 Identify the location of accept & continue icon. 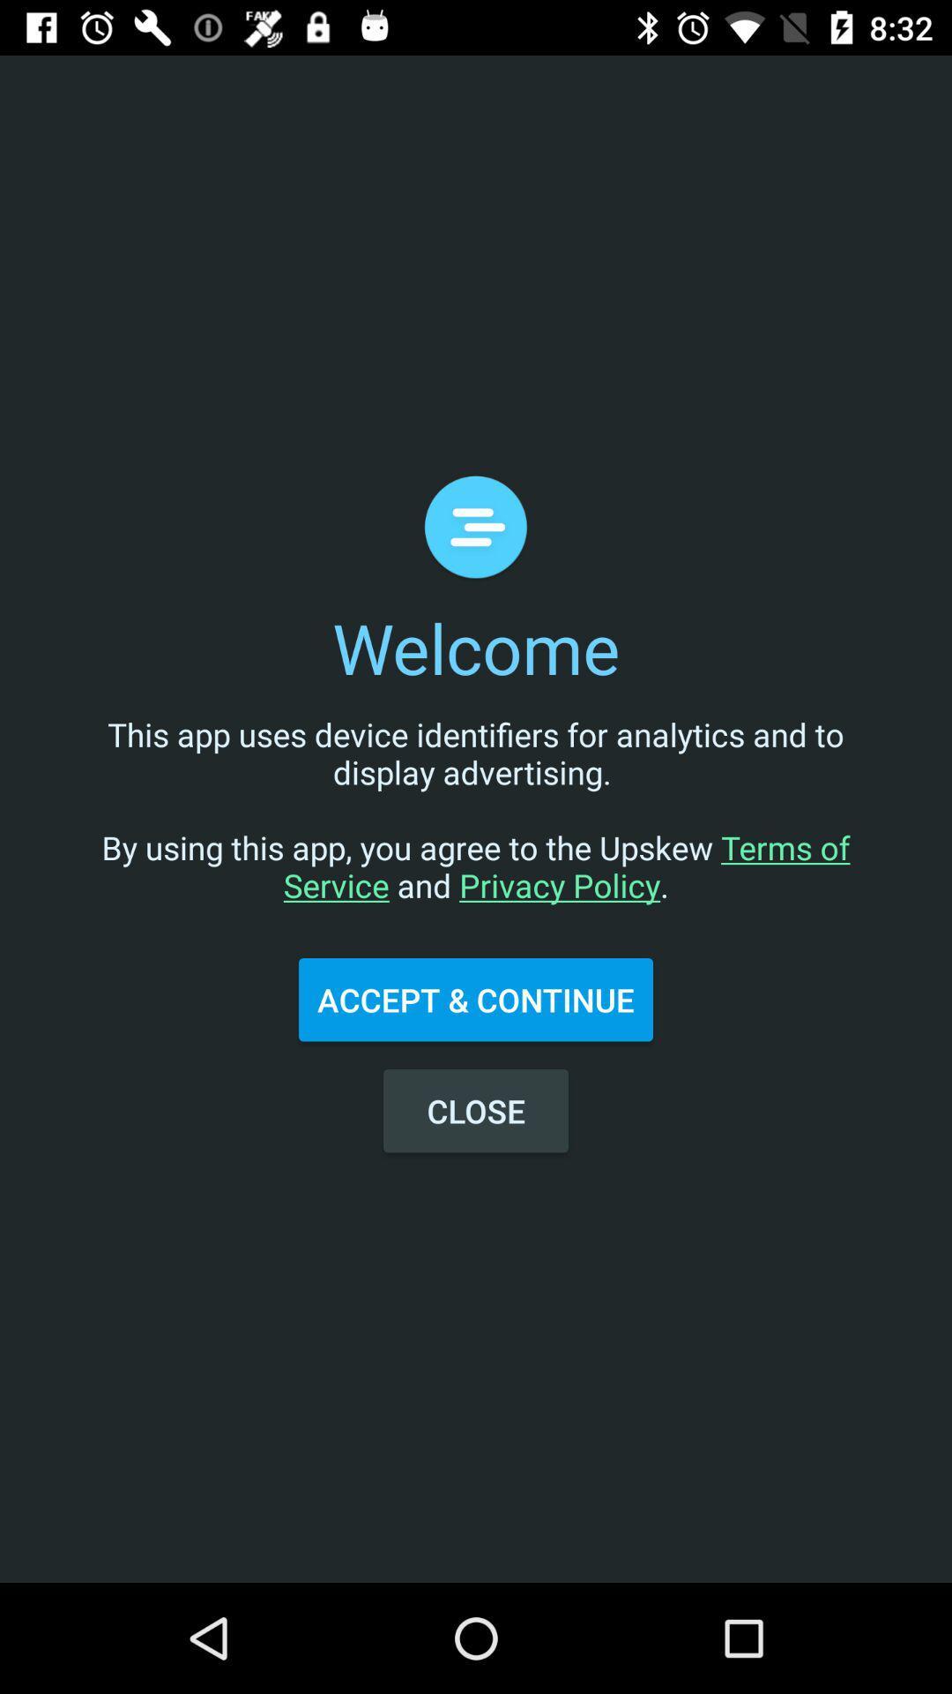
(476, 1000).